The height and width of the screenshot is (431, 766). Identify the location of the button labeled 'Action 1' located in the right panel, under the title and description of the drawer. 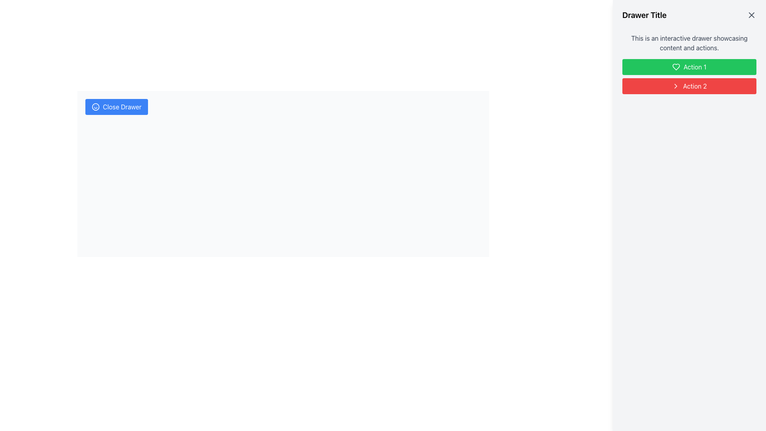
(689, 67).